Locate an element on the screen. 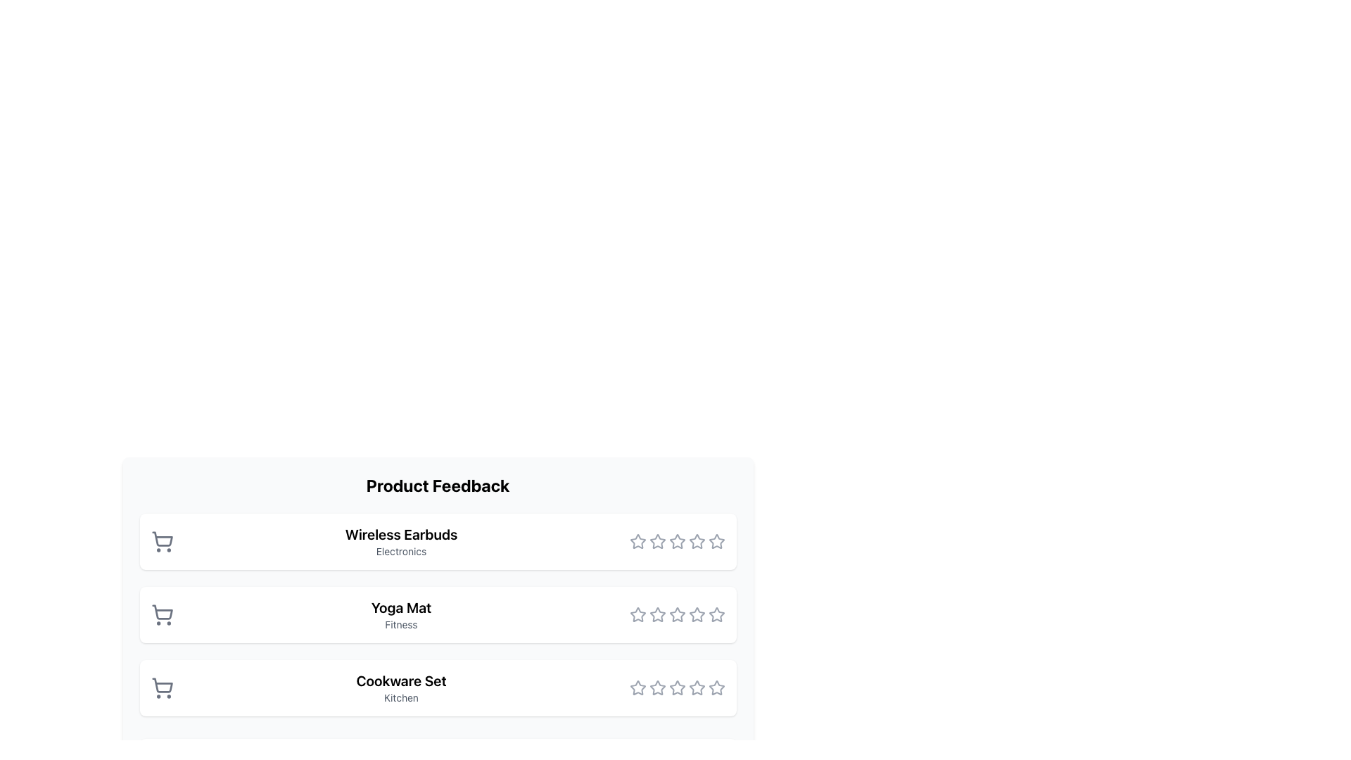  the third star is located at coordinates (657, 614).